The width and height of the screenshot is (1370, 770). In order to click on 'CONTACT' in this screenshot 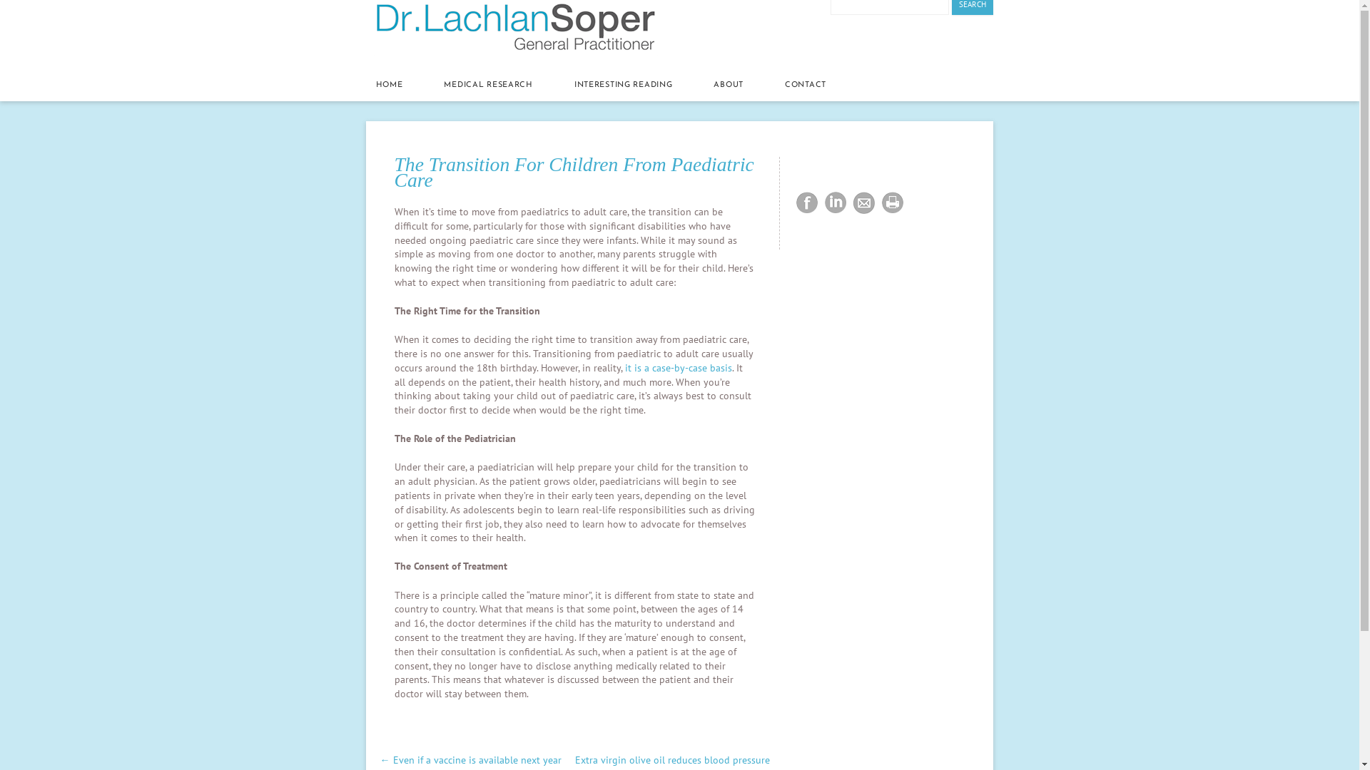, I will do `click(783, 86)`.